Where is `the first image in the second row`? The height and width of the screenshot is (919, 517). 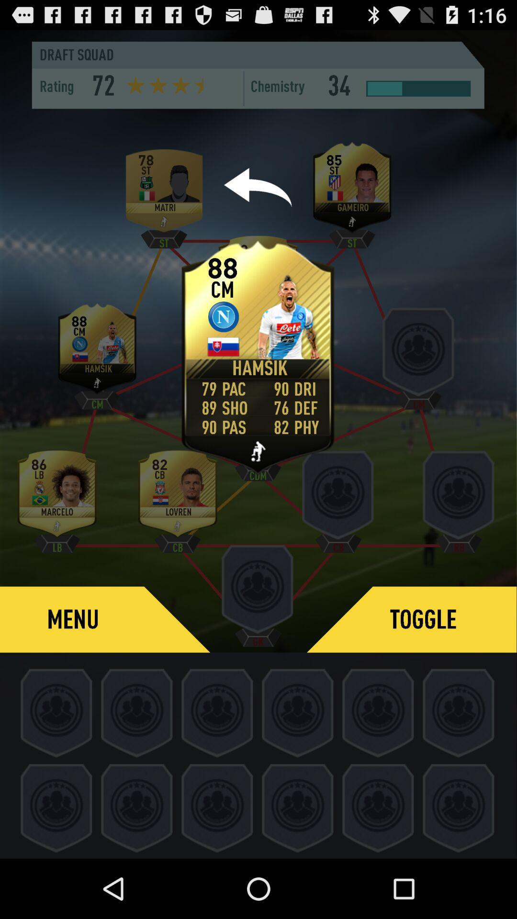
the first image in the second row is located at coordinates (97, 351).